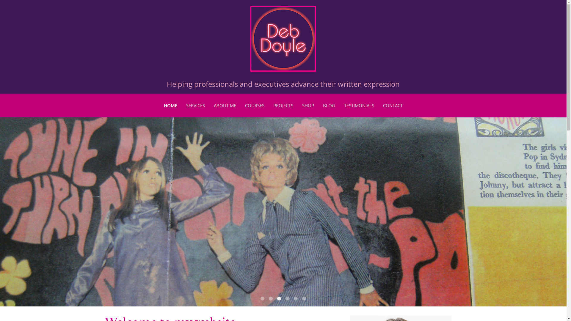 The height and width of the screenshot is (321, 571). Describe the element at coordinates (359, 105) in the screenshot. I see `'TESTIMONIALS'` at that location.